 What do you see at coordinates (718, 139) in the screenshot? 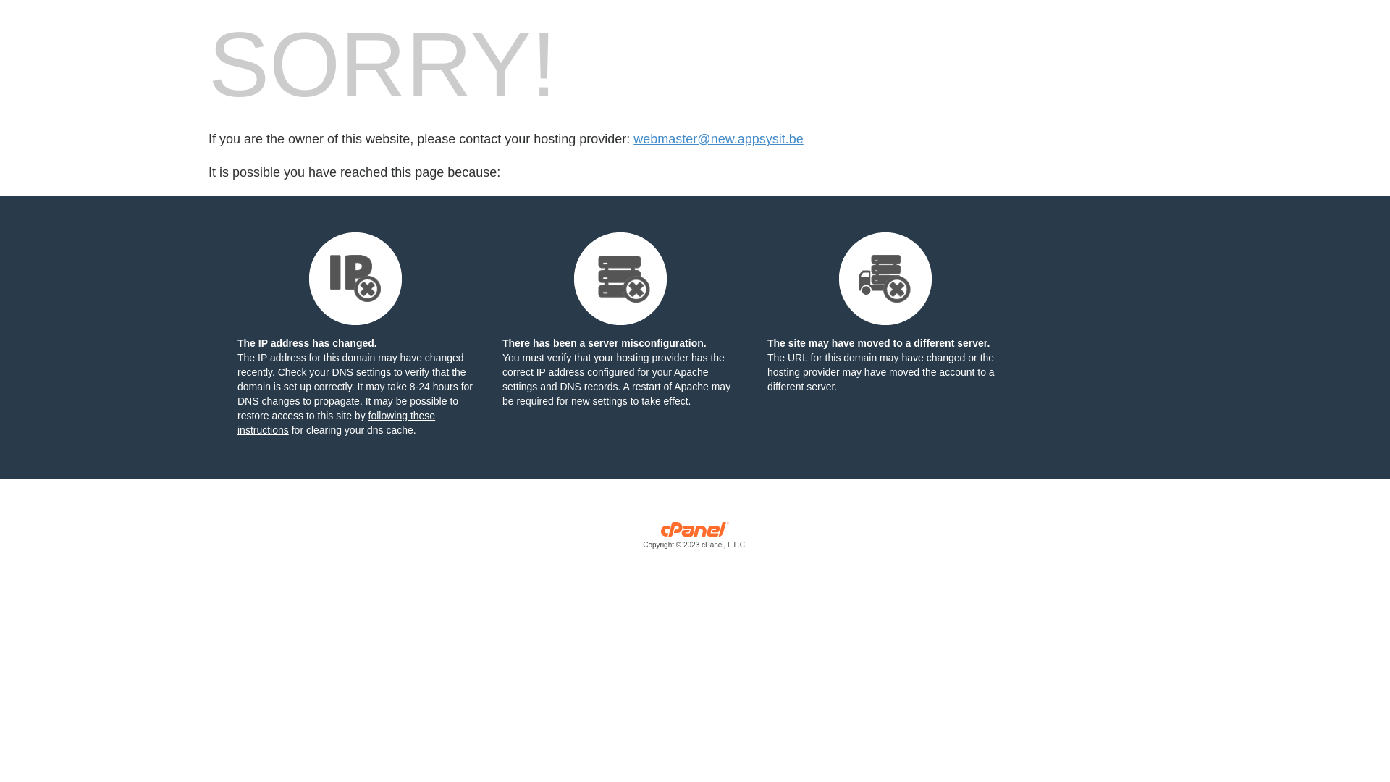
I see `'webmaster@new.appsysit.be'` at bounding box center [718, 139].